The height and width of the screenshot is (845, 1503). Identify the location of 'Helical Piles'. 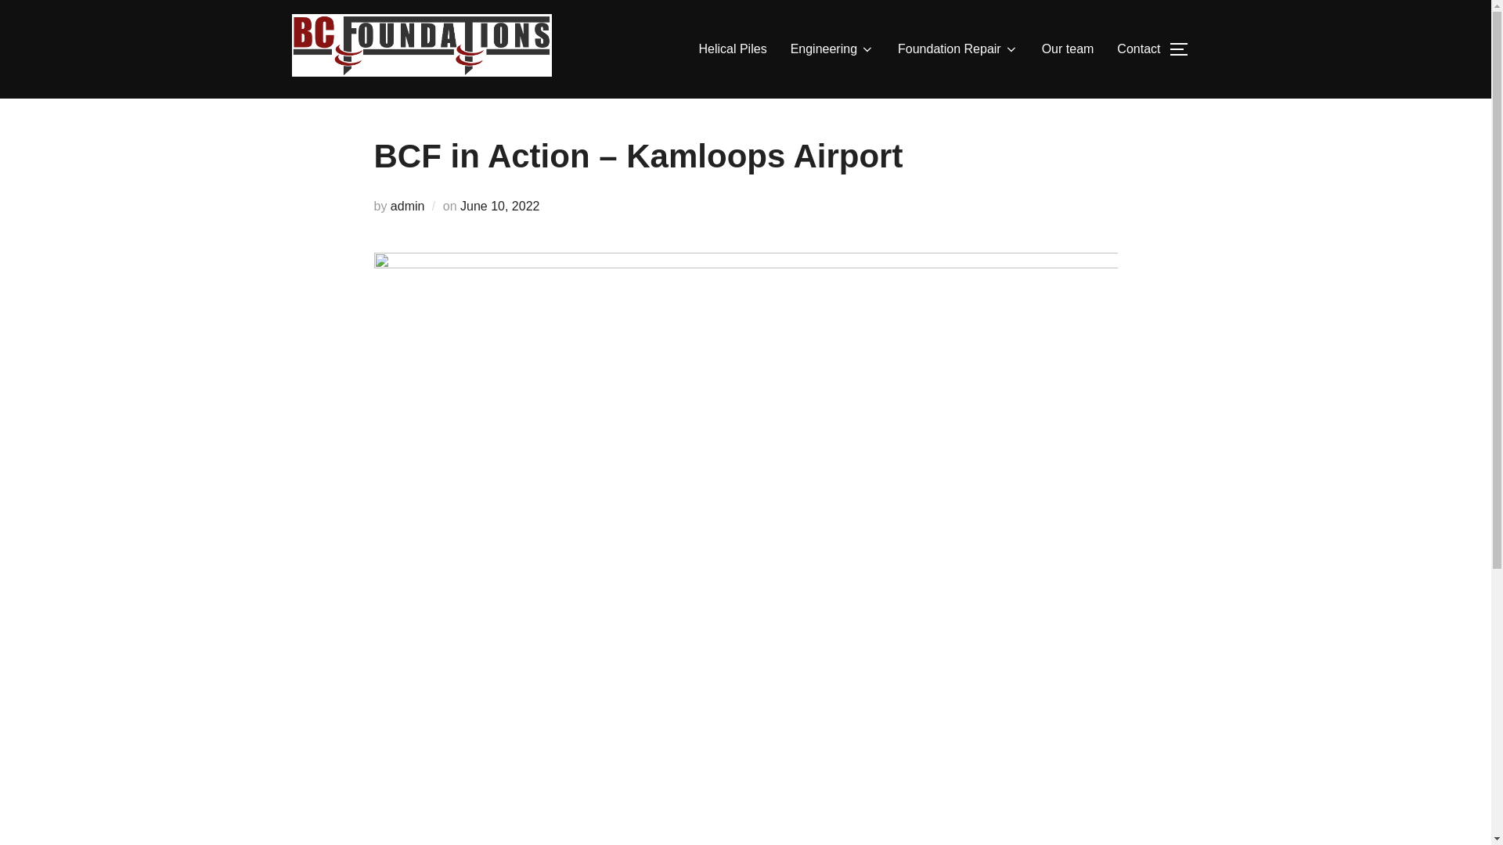
(731, 48).